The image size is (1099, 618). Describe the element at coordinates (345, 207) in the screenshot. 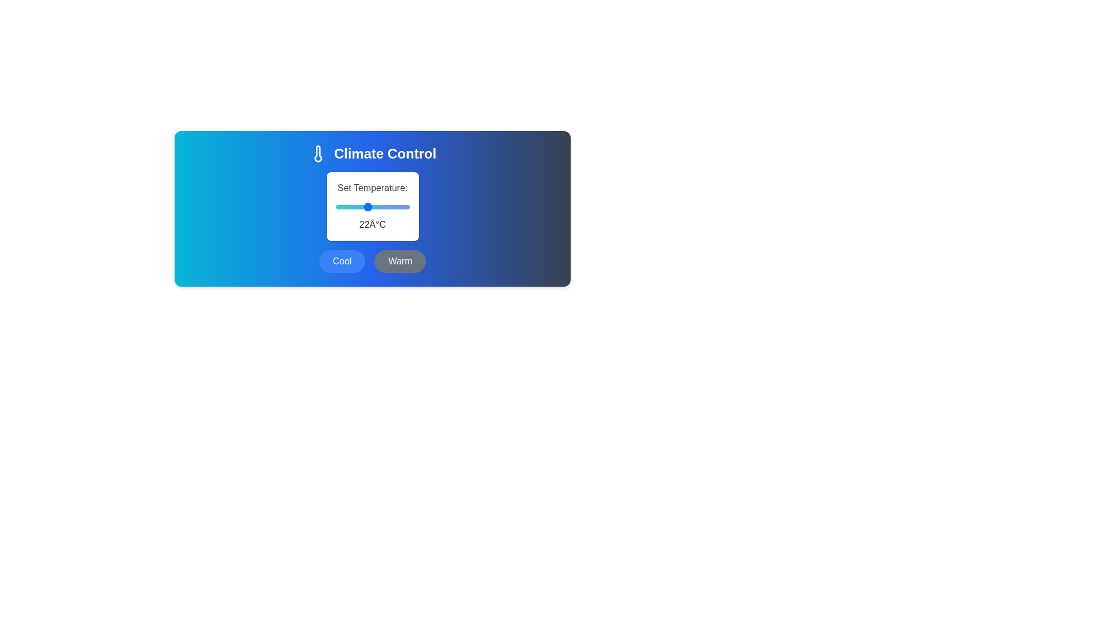

I see `the temperature` at that location.